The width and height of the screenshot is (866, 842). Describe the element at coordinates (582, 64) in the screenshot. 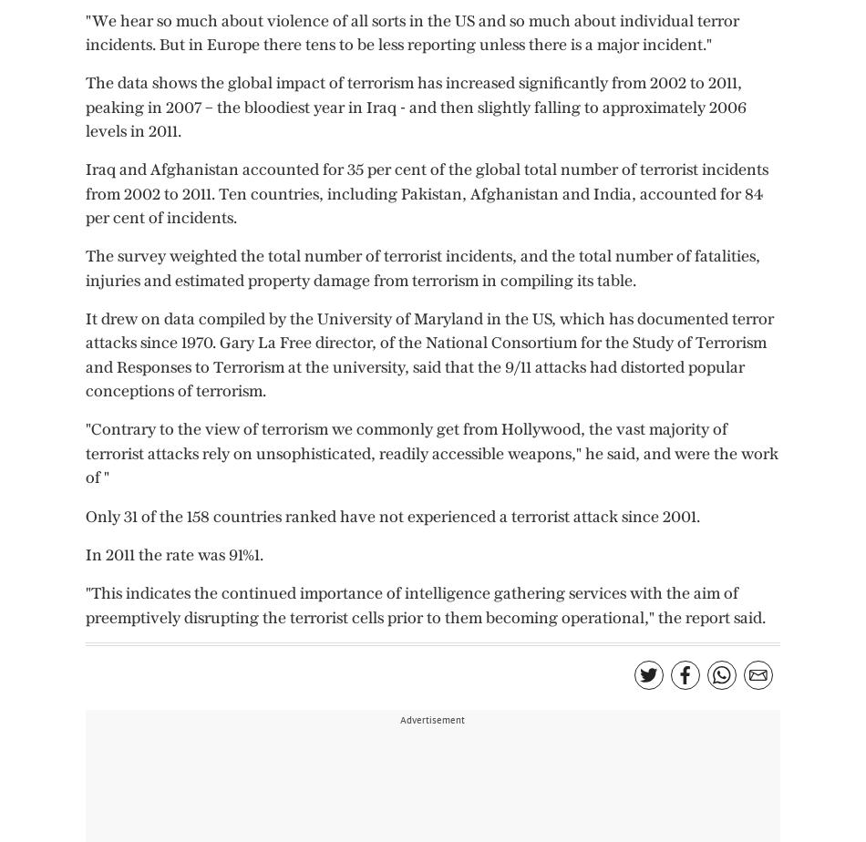

I see `'UK Voucher Codes'` at that location.